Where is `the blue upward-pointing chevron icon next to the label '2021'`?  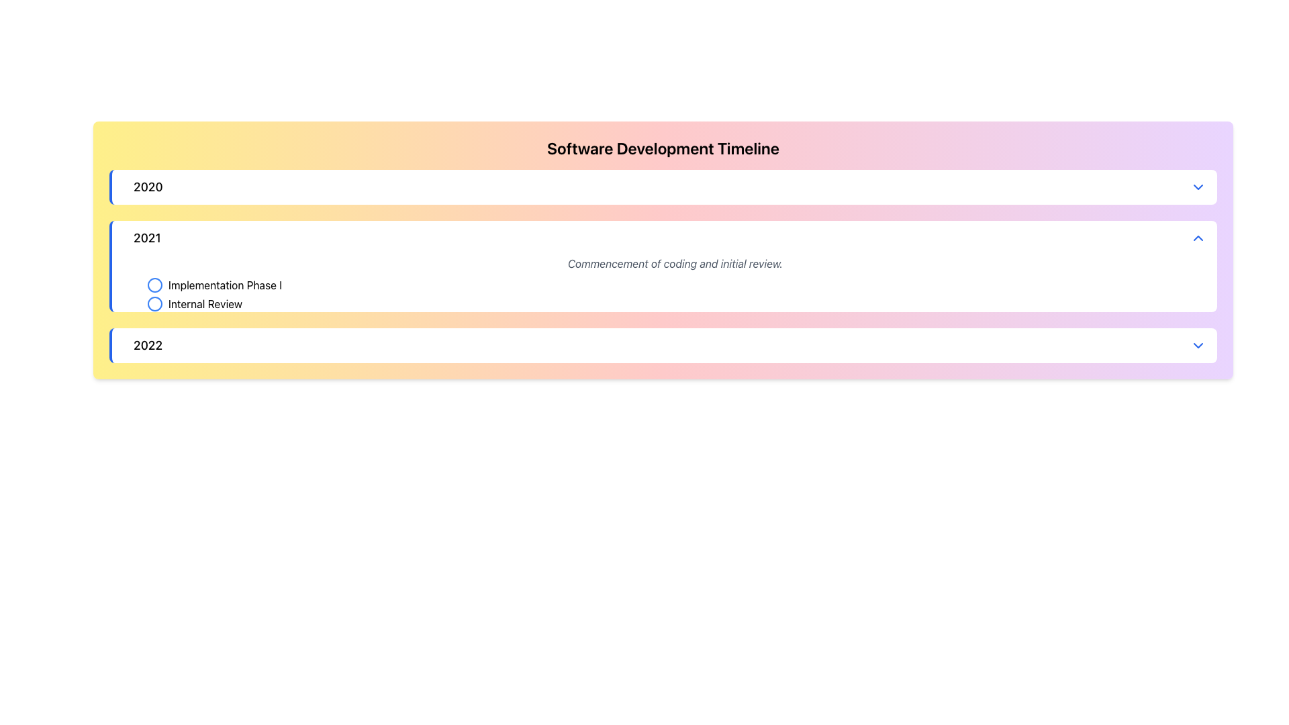 the blue upward-pointing chevron icon next to the label '2021' is located at coordinates (1198, 237).